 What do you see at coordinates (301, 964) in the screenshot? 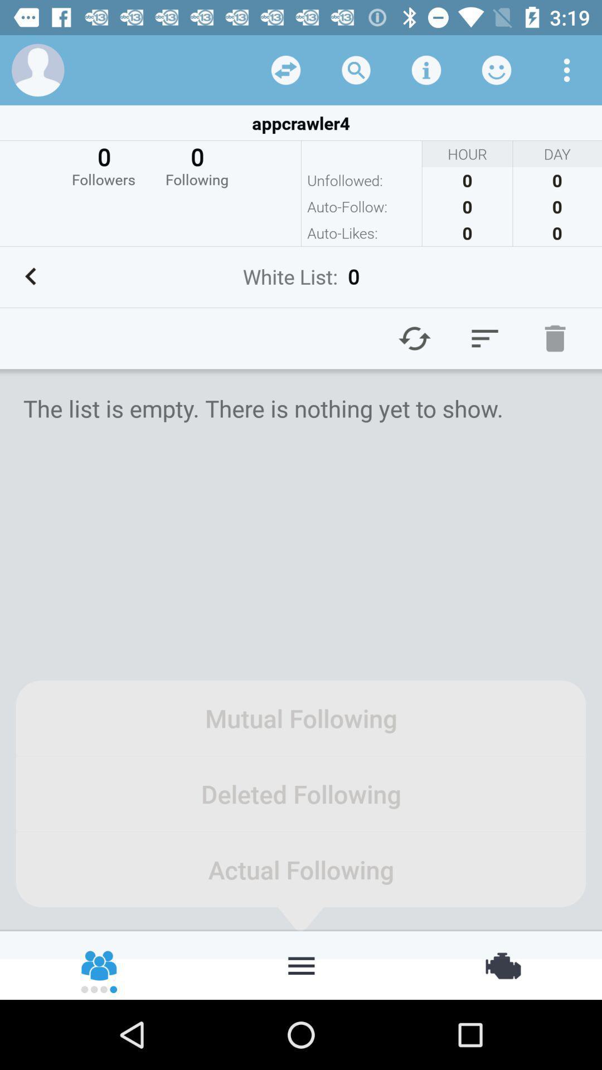
I see `customize` at bounding box center [301, 964].